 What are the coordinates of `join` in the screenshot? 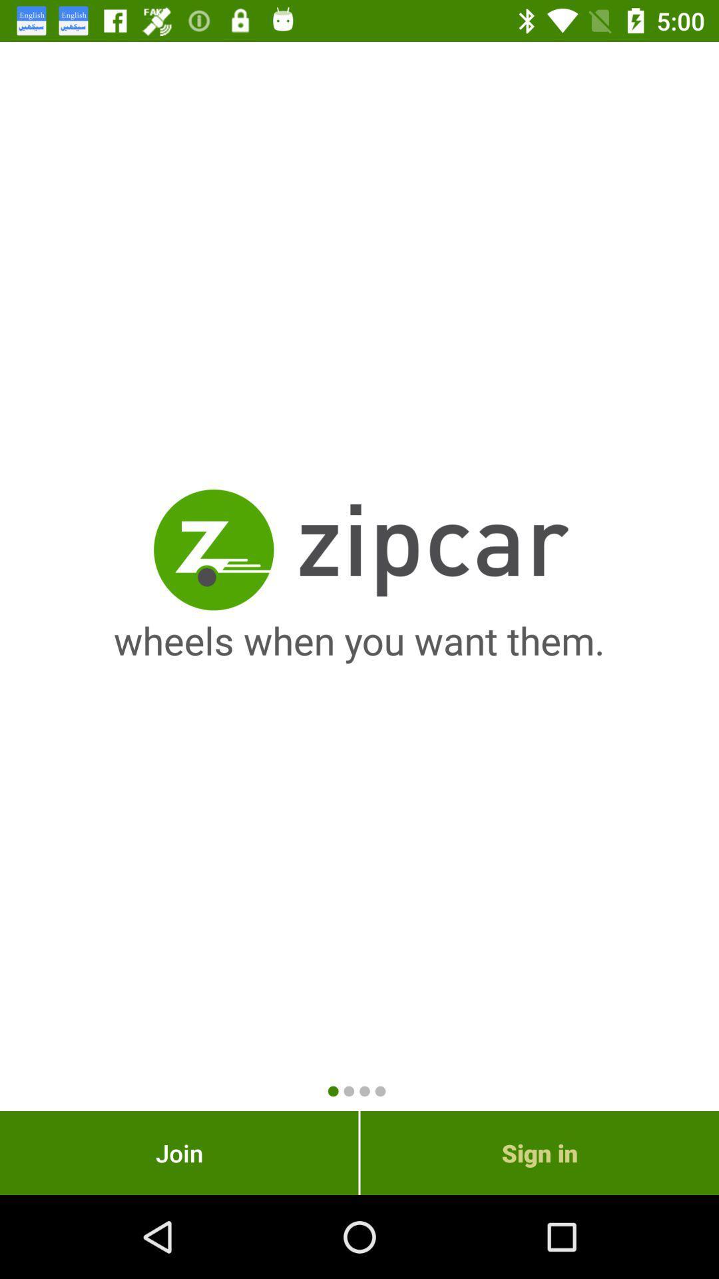 It's located at (178, 1152).